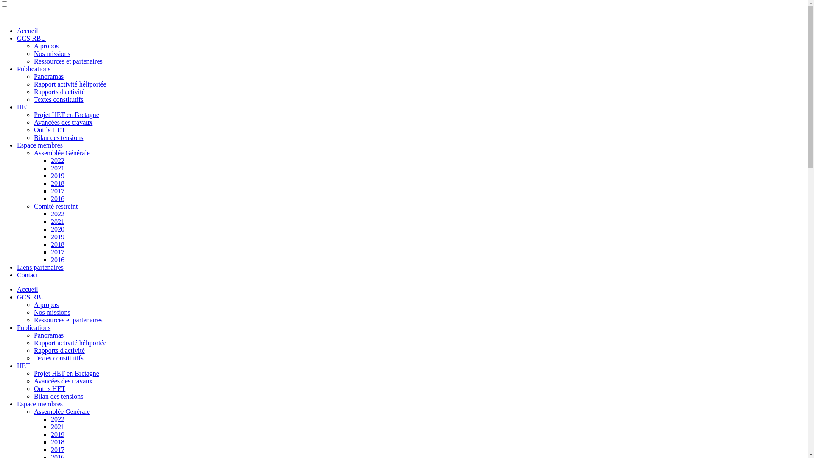 The image size is (814, 458). I want to click on '2022', so click(57, 160).